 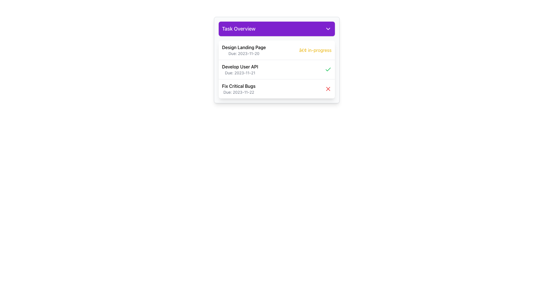 I want to click on the text label that serves as the title of a specific task, so click(x=244, y=47).